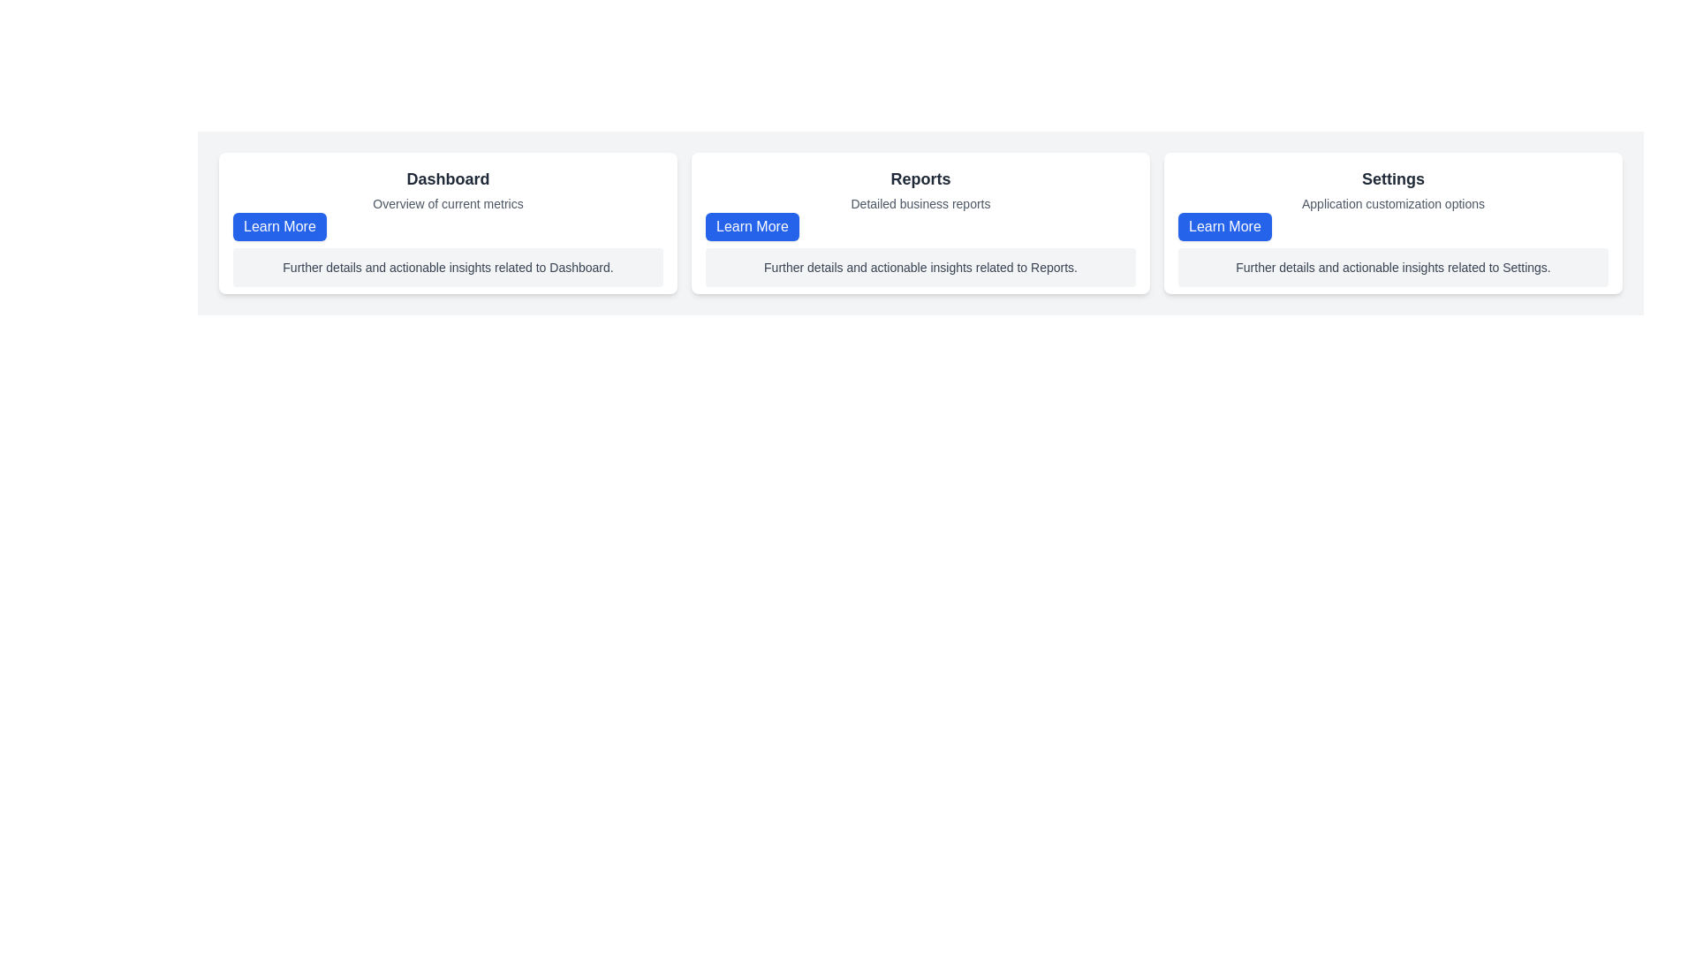  What do you see at coordinates (920, 268) in the screenshot?
I see `the descriptive text block located at the bottom section of the card layout, which provides supplementary information related to the 'Reports' section` at bounding box center [920, 268].